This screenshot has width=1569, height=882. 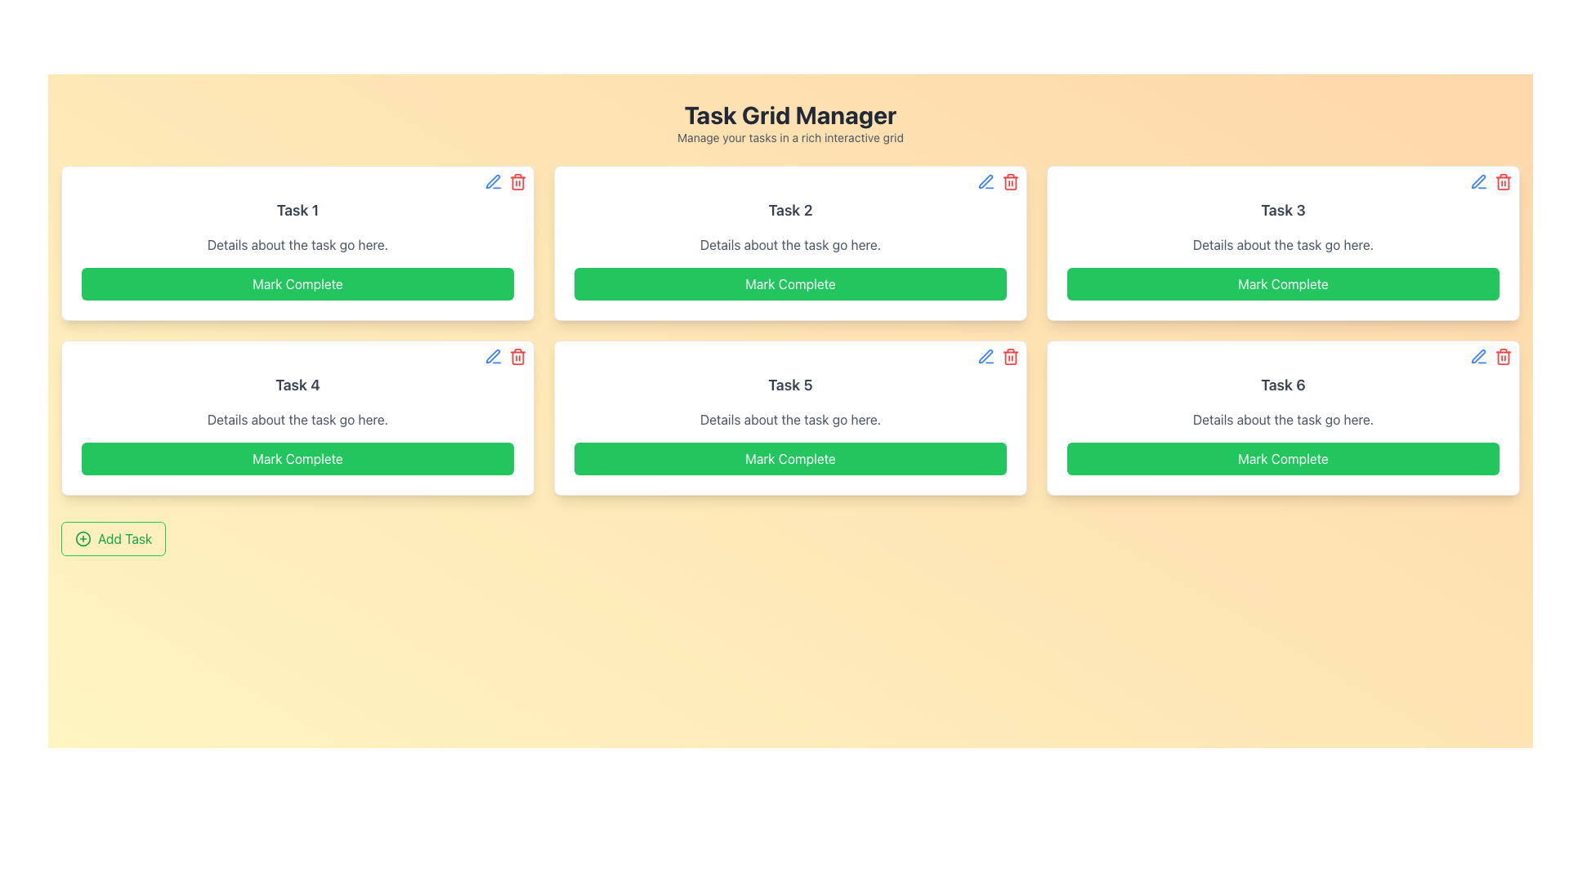 What do you see at coordinates (297, 459) in the screenshot?
I see `the 'Mark Complete' button with a green background and white text` at bounding box center [297, 459].